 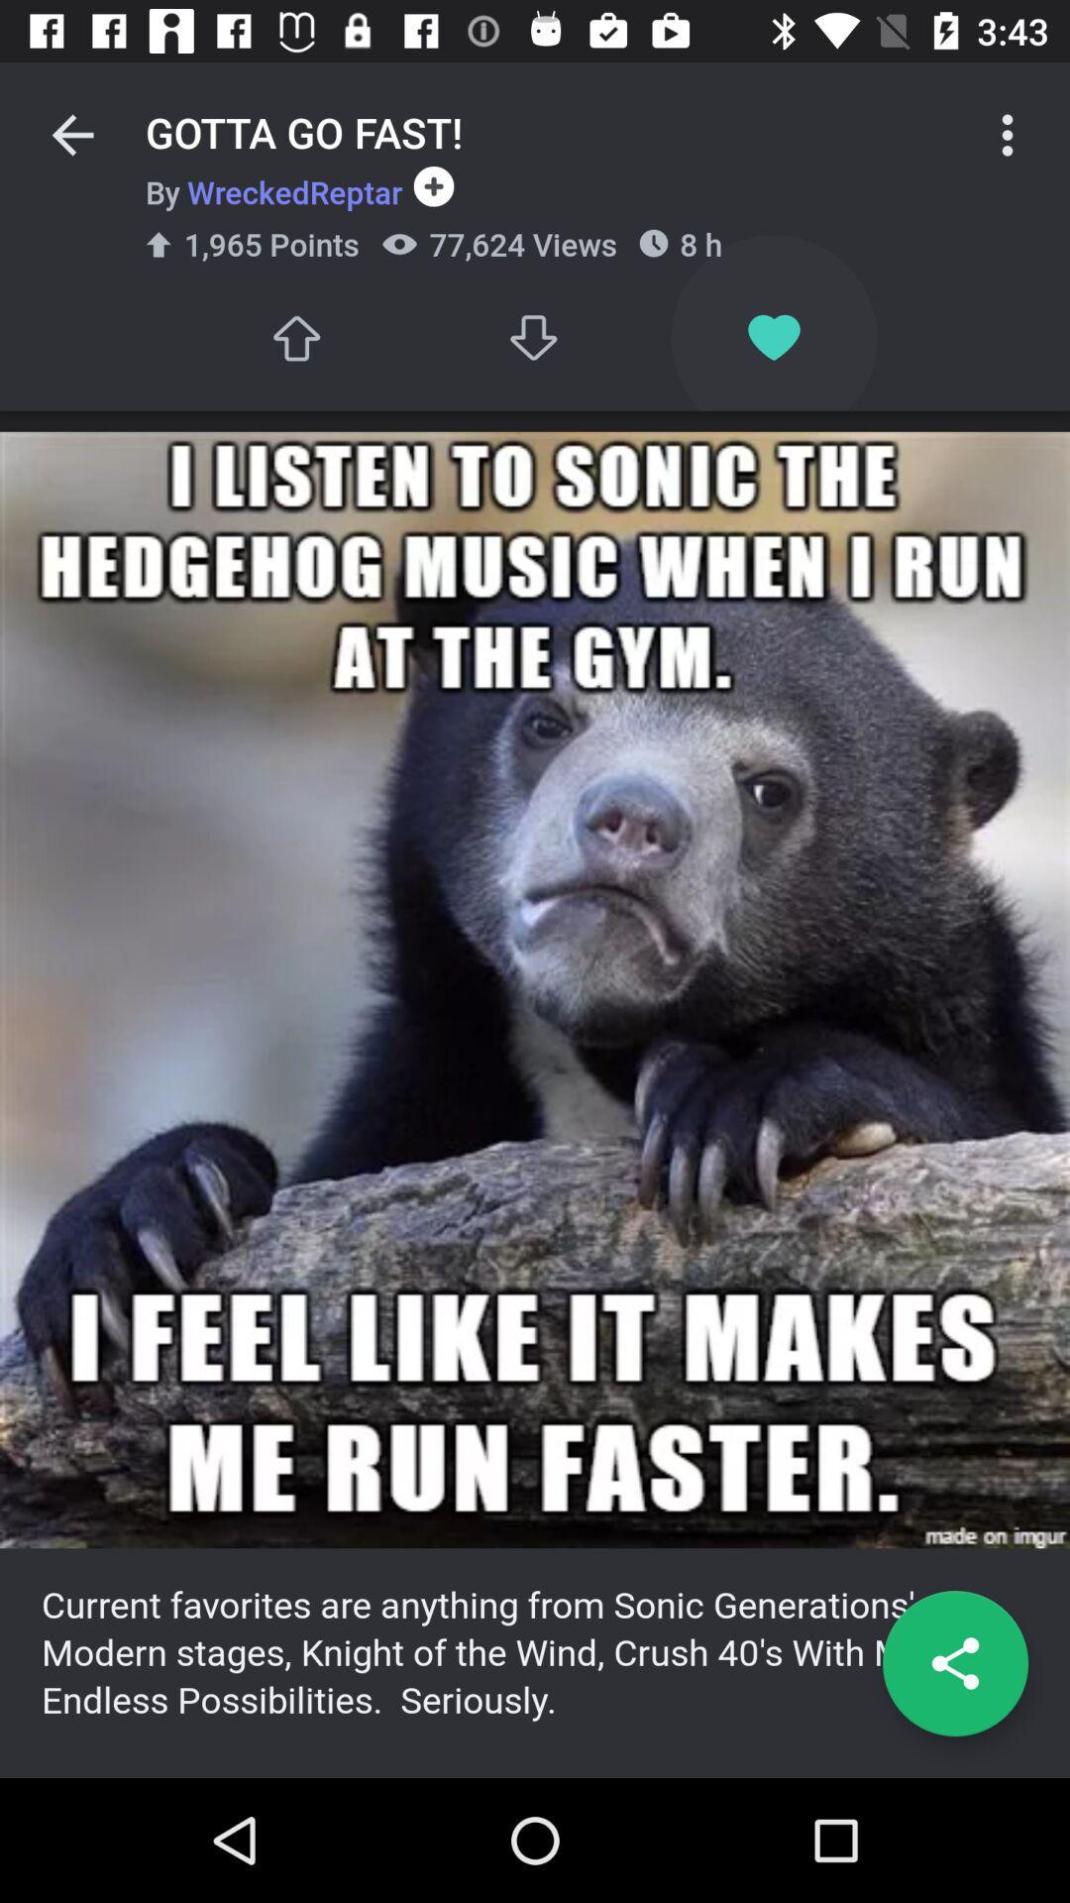 I want to click on the item below gotta go fast! icon, so click(x=273, y=191).